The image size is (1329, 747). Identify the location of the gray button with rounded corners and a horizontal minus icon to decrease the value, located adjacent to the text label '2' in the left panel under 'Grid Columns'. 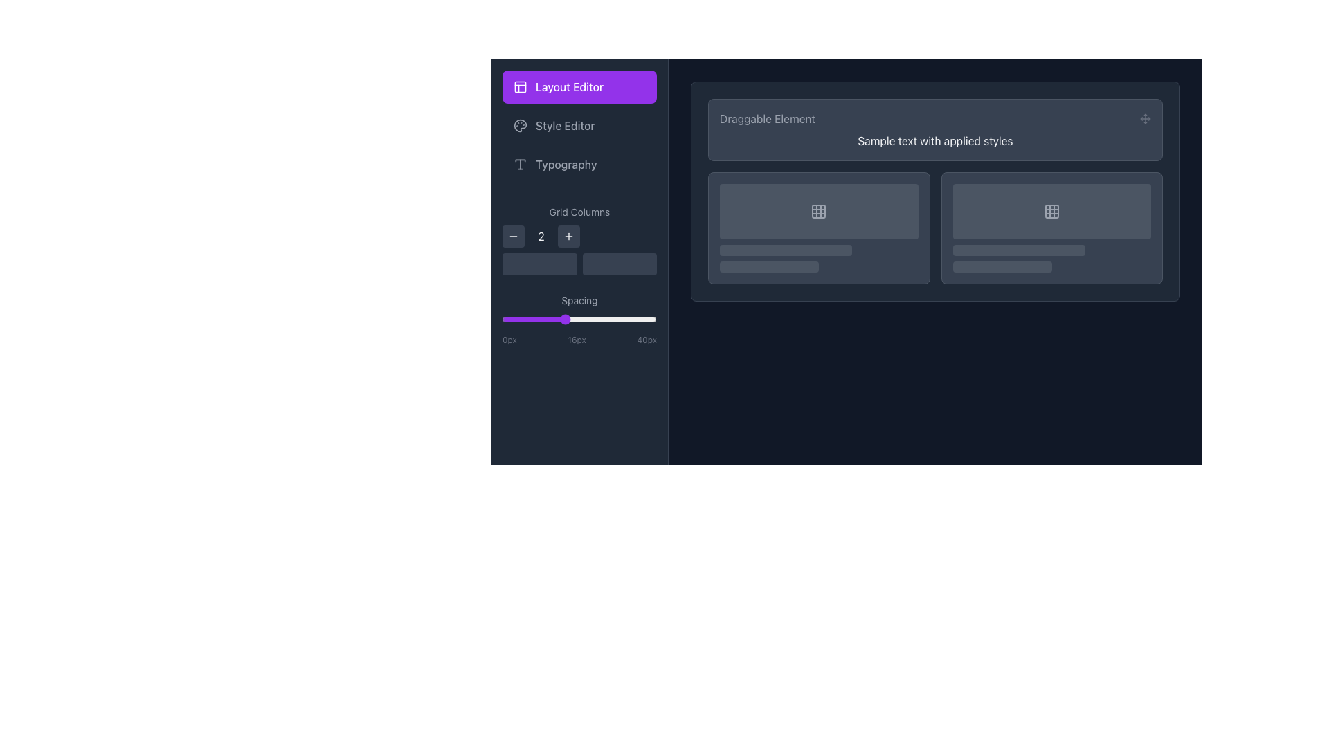
(513, 236).